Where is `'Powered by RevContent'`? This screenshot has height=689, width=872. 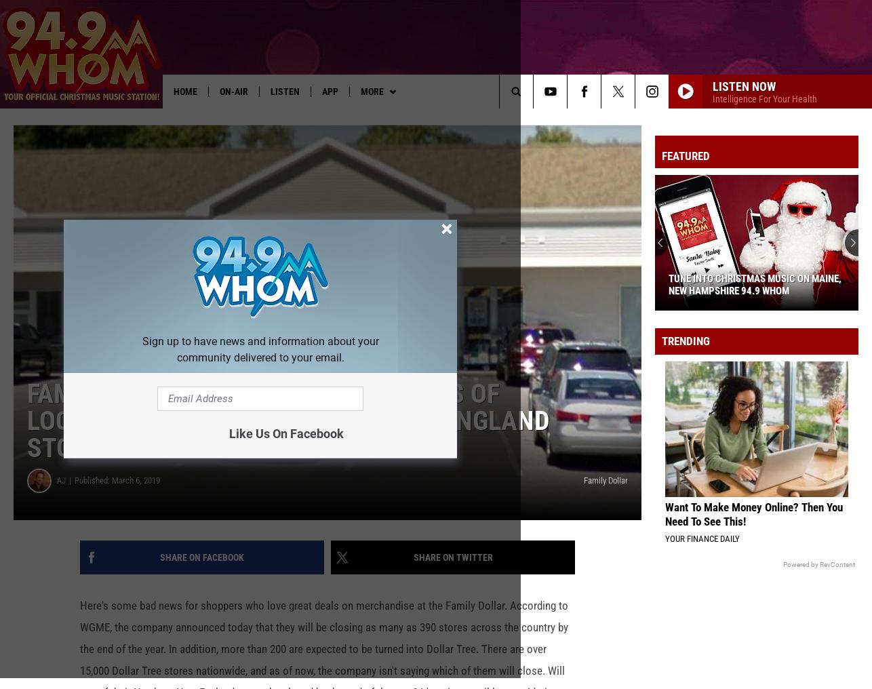
'Powered by RevContent' is located at coordinates (818, 585).